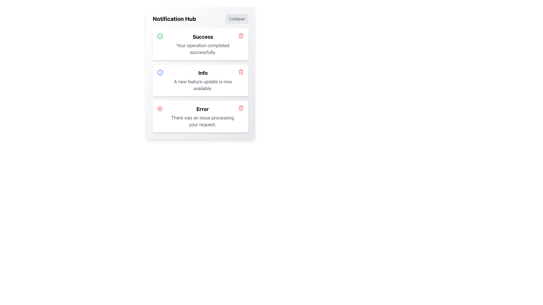 This screenshot has height=305, width=543. I want to click on notification banner that displays an error message with bold black text saying 'Error' and smaller gray text stating 'There was an issue processing your request.' This notification is the third in a vertical sequence within the 'Notification Hub.', so click(202, 116).